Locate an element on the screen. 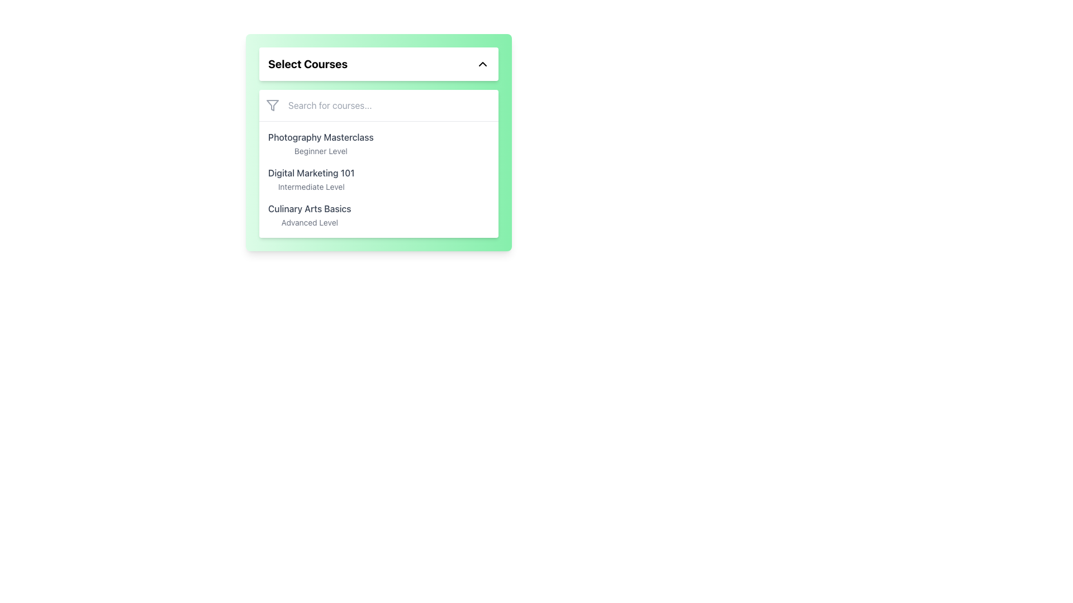 This screenshot has height=603, width=1073. the third list item labeled 'Culinary Arts Basics' is located at coordinates (378, 215).